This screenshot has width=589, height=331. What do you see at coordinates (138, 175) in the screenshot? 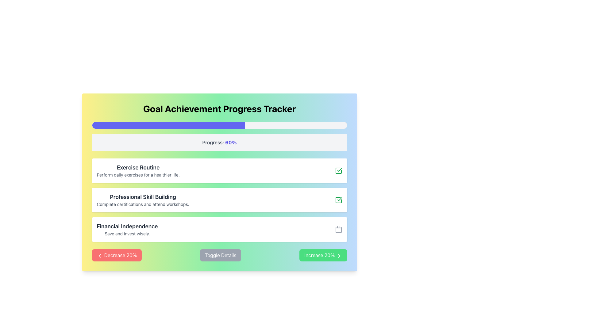
I see `the static text label reading 'Perform daily exercises for a healthier life.' which is positioned below the title 'Exercise Routine' in the first feature box of the card layout` at bounding box center [138, 175].